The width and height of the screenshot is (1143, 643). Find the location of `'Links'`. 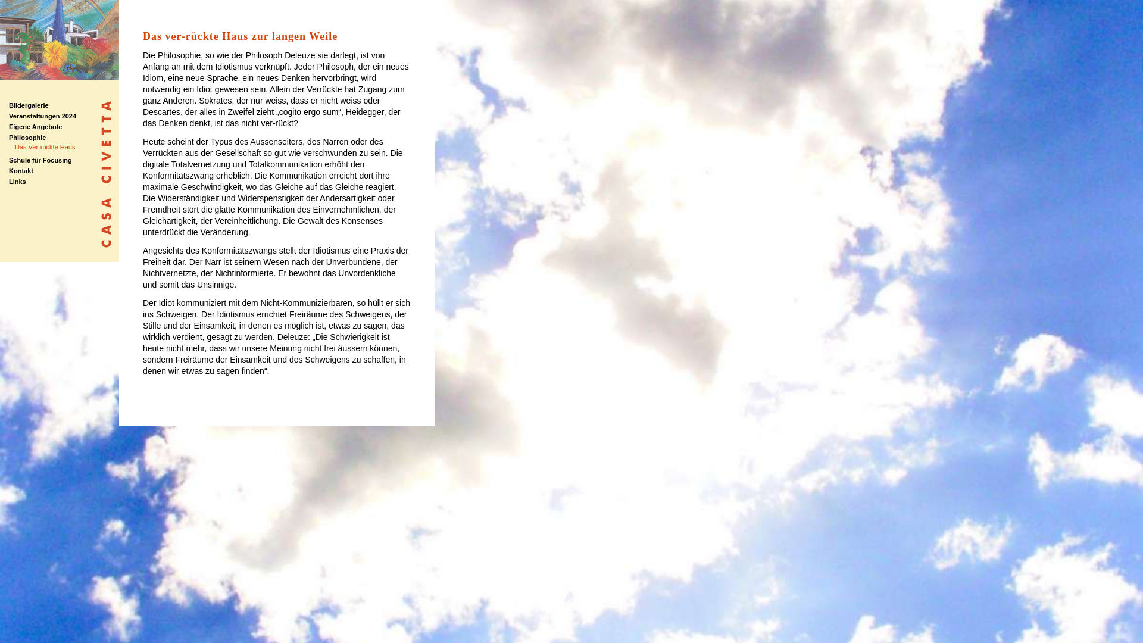

'Links' is located at coordinates (8, 181).